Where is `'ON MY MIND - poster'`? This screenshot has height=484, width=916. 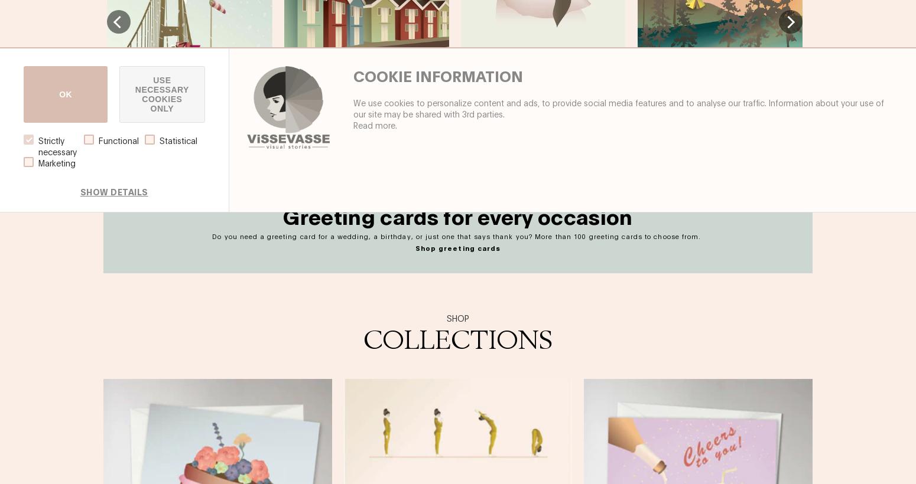
'ON MY MIND - poster' is located at coordinates (460, 64).